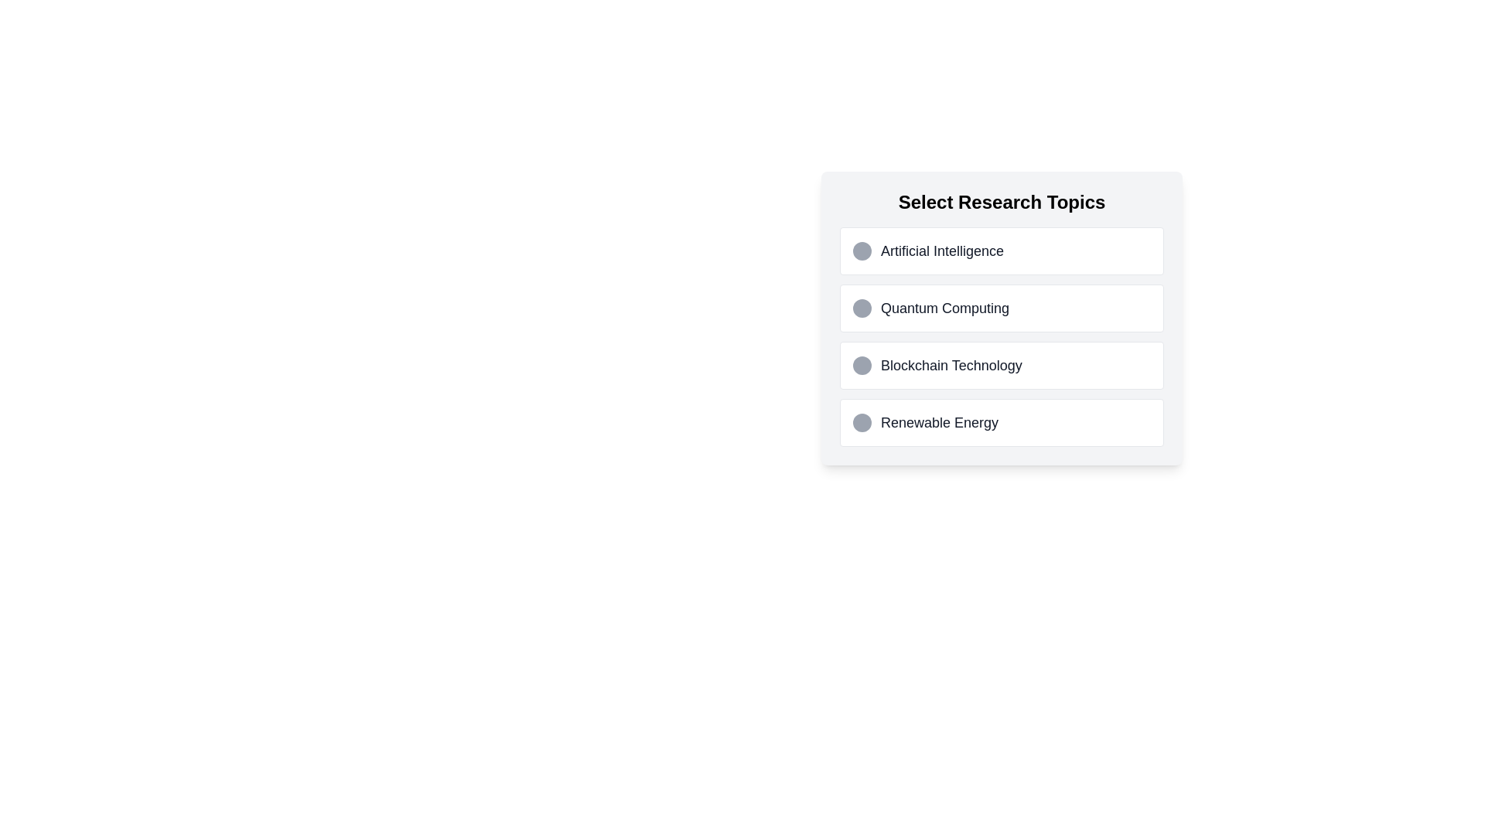 The width and height of the screenshot is (1485, 835). Describe the element at coordinates (1002, 250) in the screenshot. I see `the first selectable item for the 'Artificial Intelligence' research topic in the list under 'Select Research Topics'` at that location.